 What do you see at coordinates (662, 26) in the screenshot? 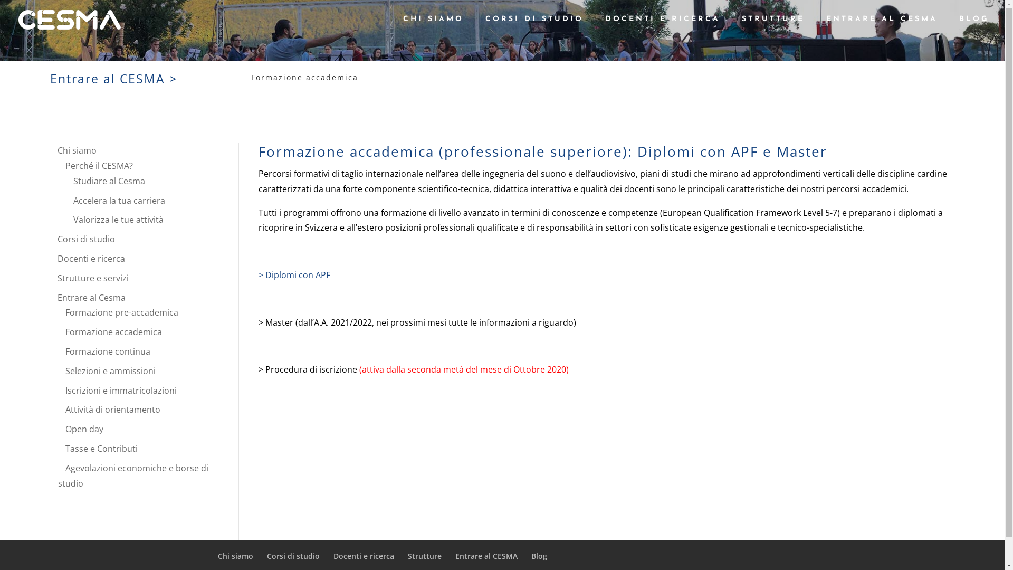
I see `'DOCENTI E RICERCA'` at bounding box center [662, 26].